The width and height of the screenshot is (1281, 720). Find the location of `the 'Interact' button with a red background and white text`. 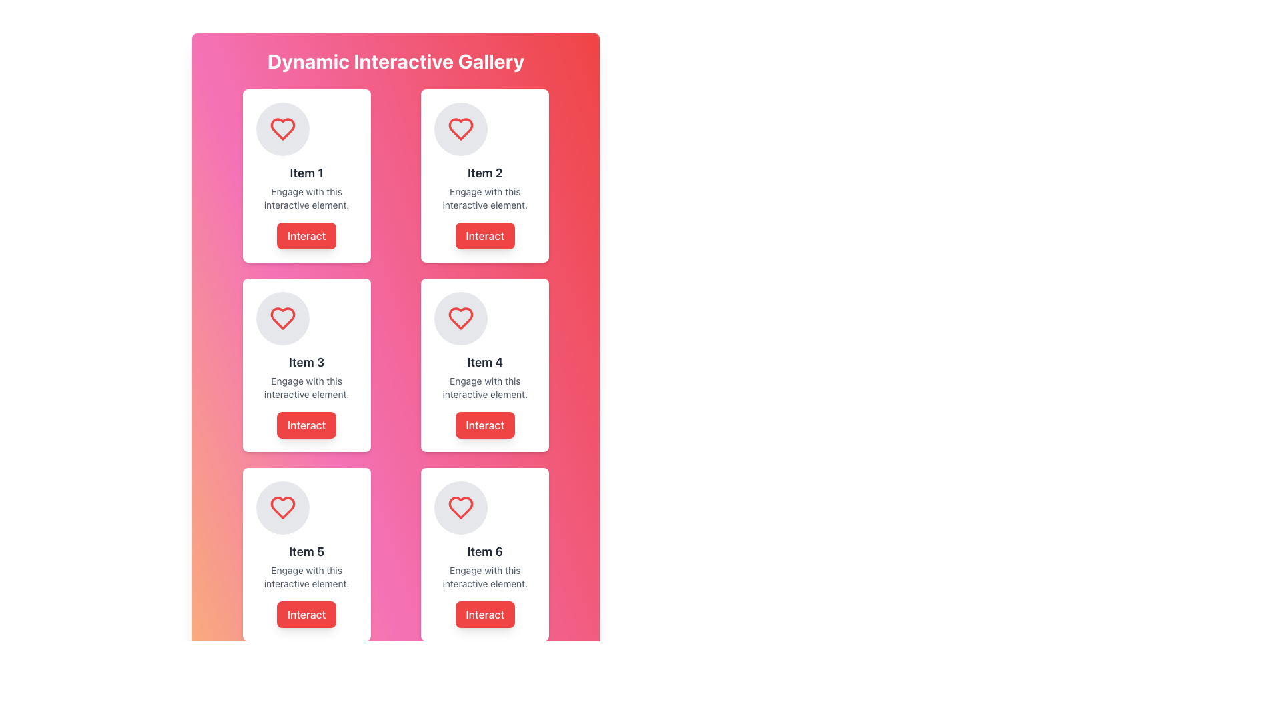

the 'Interact' button with a red background and white text is located at coordinates (306, 235).